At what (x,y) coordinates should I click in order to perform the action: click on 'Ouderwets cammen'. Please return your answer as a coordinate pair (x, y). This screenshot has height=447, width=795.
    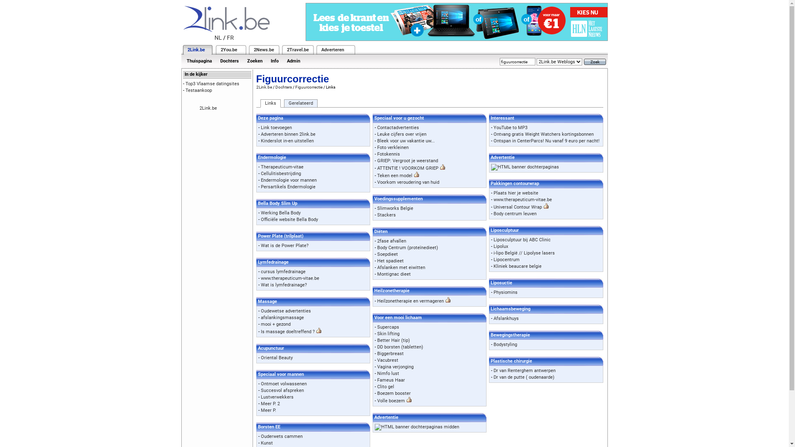
    Looking at the image, I should click on (260, 436).